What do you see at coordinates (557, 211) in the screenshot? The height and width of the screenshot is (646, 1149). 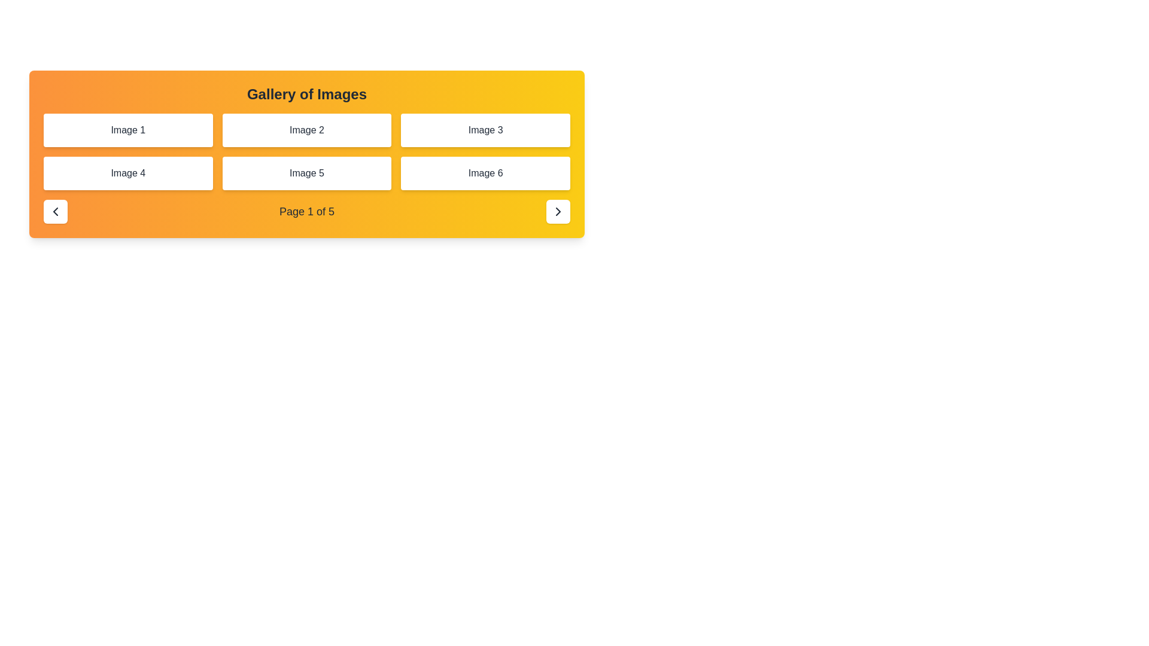 I see `the right arrow icon within the button located at the bottom-right corner of the card interface` at bounding box center [557, 211].